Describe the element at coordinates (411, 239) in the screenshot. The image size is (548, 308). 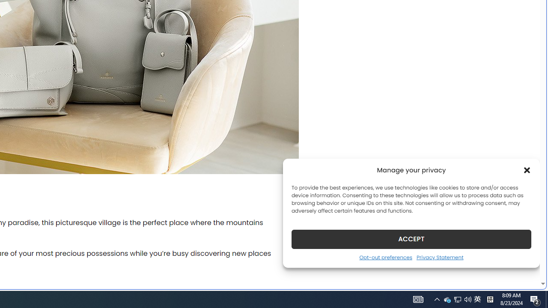
I see `'ACCEPT'` at that location.